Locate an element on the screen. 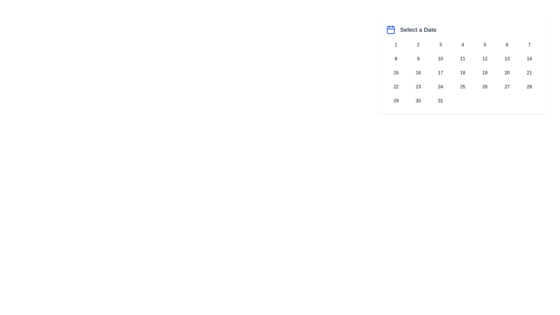  the date selector button for date '8' located in the second row and first column of the calendar grid under the 'Select a Date' label is located at coordinates (396, 59).